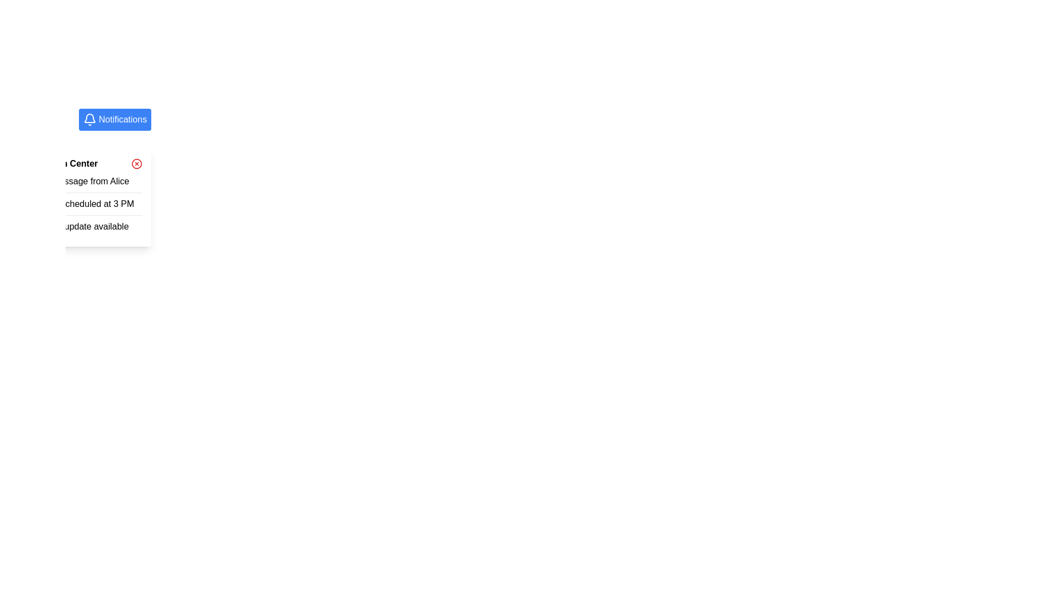 The height and width of the screenshot is (596, 1060). I want to click on the blue 'Notifications' button with a white bell icon, so click(115, 119).